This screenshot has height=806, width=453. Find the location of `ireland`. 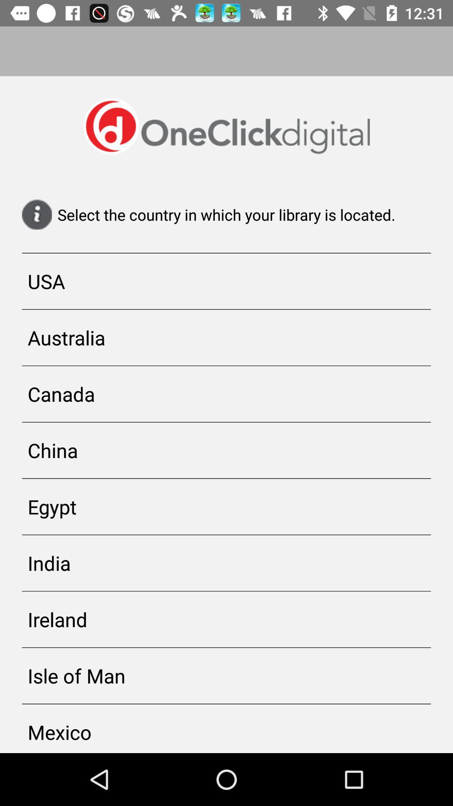

ireland is located at coordinates (226, 619).